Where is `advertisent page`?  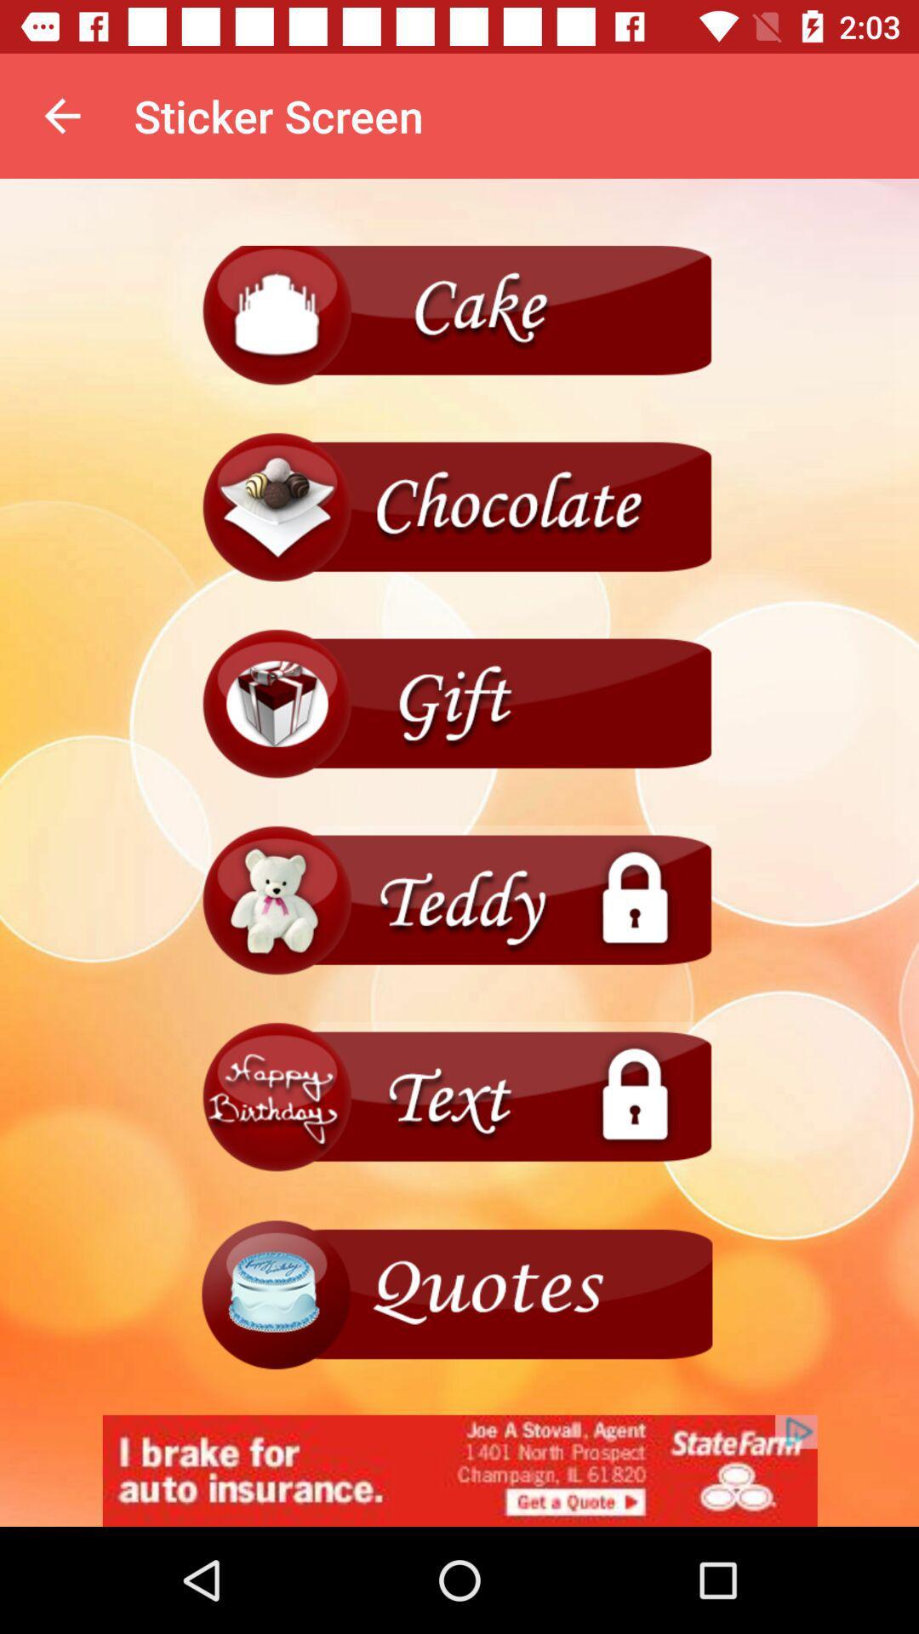
advertisent page is located at coordinates (459, 1294).